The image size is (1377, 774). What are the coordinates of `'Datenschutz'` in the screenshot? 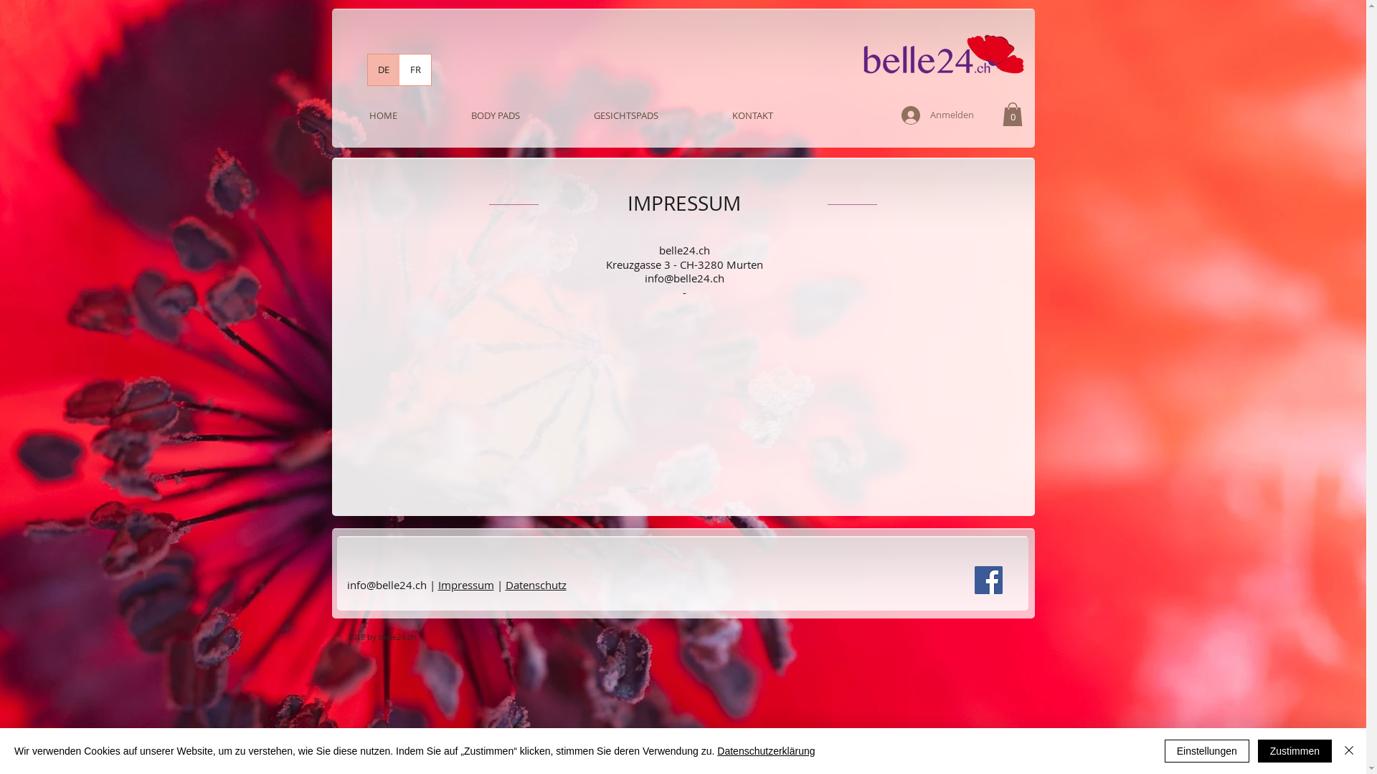 It's located at (534, 585).